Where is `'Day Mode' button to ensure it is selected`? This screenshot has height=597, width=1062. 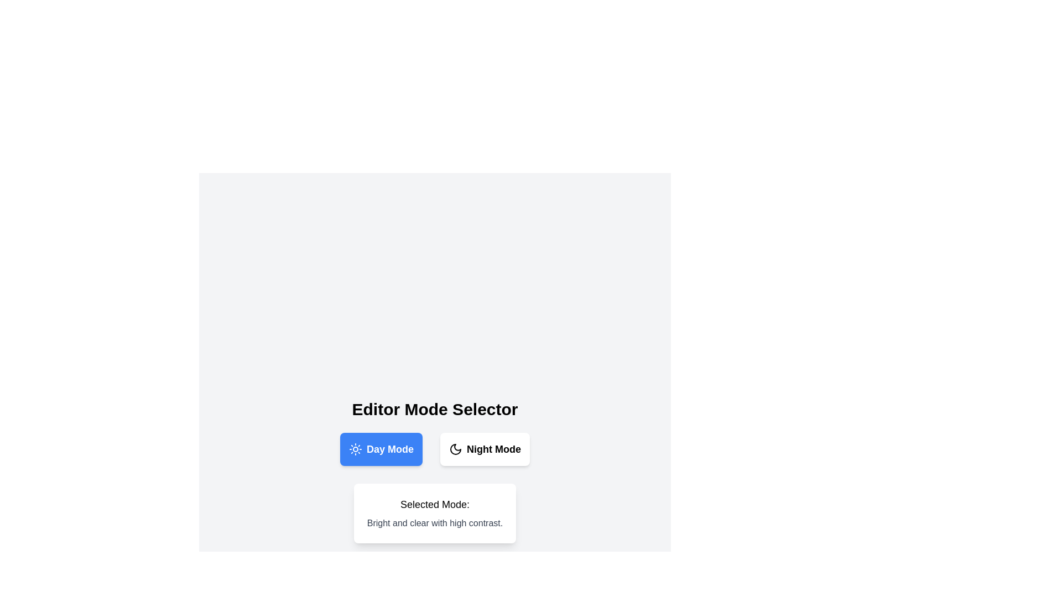 'Day Mode' button to ensure it is selected is located at coordinates (381, 449).